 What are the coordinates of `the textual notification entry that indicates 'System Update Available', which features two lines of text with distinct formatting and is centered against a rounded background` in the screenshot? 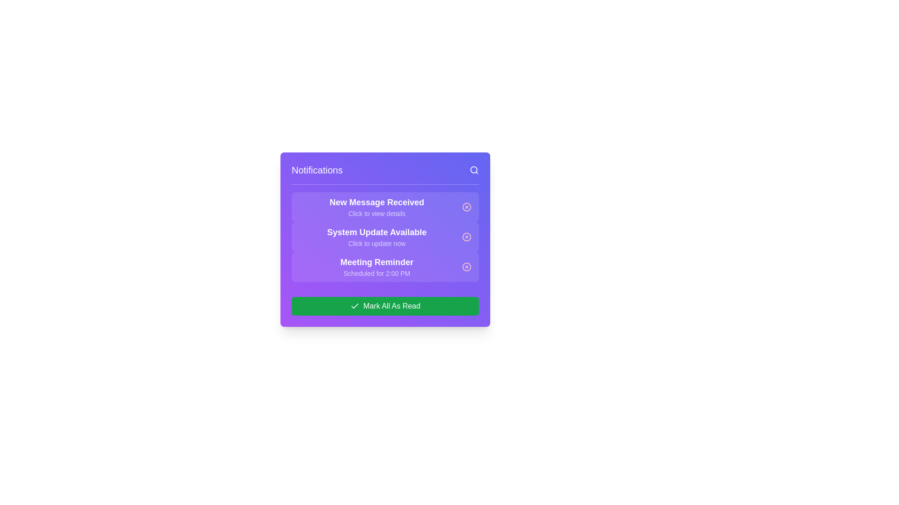 It's located at (377, 236).